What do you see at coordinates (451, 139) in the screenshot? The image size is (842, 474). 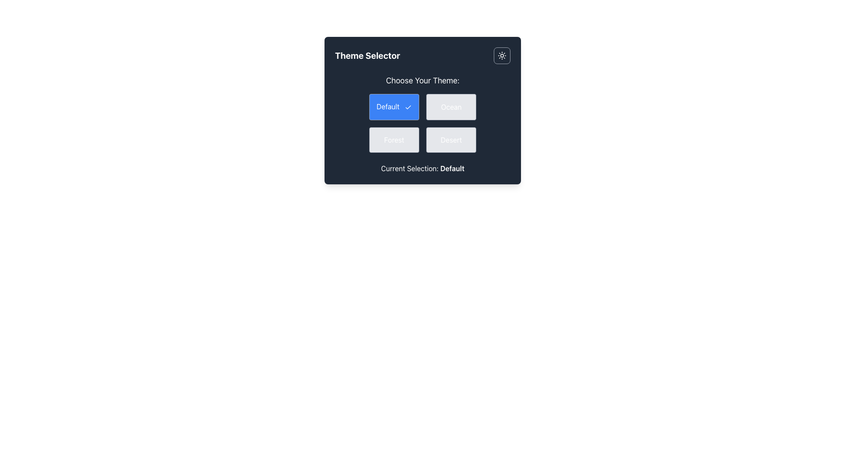 I see `the 'Desert' button, which is the bottom-right button in a 2-by-2 grid of buttons labeled 'Default', 'Ocean', 'Forest', and 'Desert'` at bounding box center [451, 139].